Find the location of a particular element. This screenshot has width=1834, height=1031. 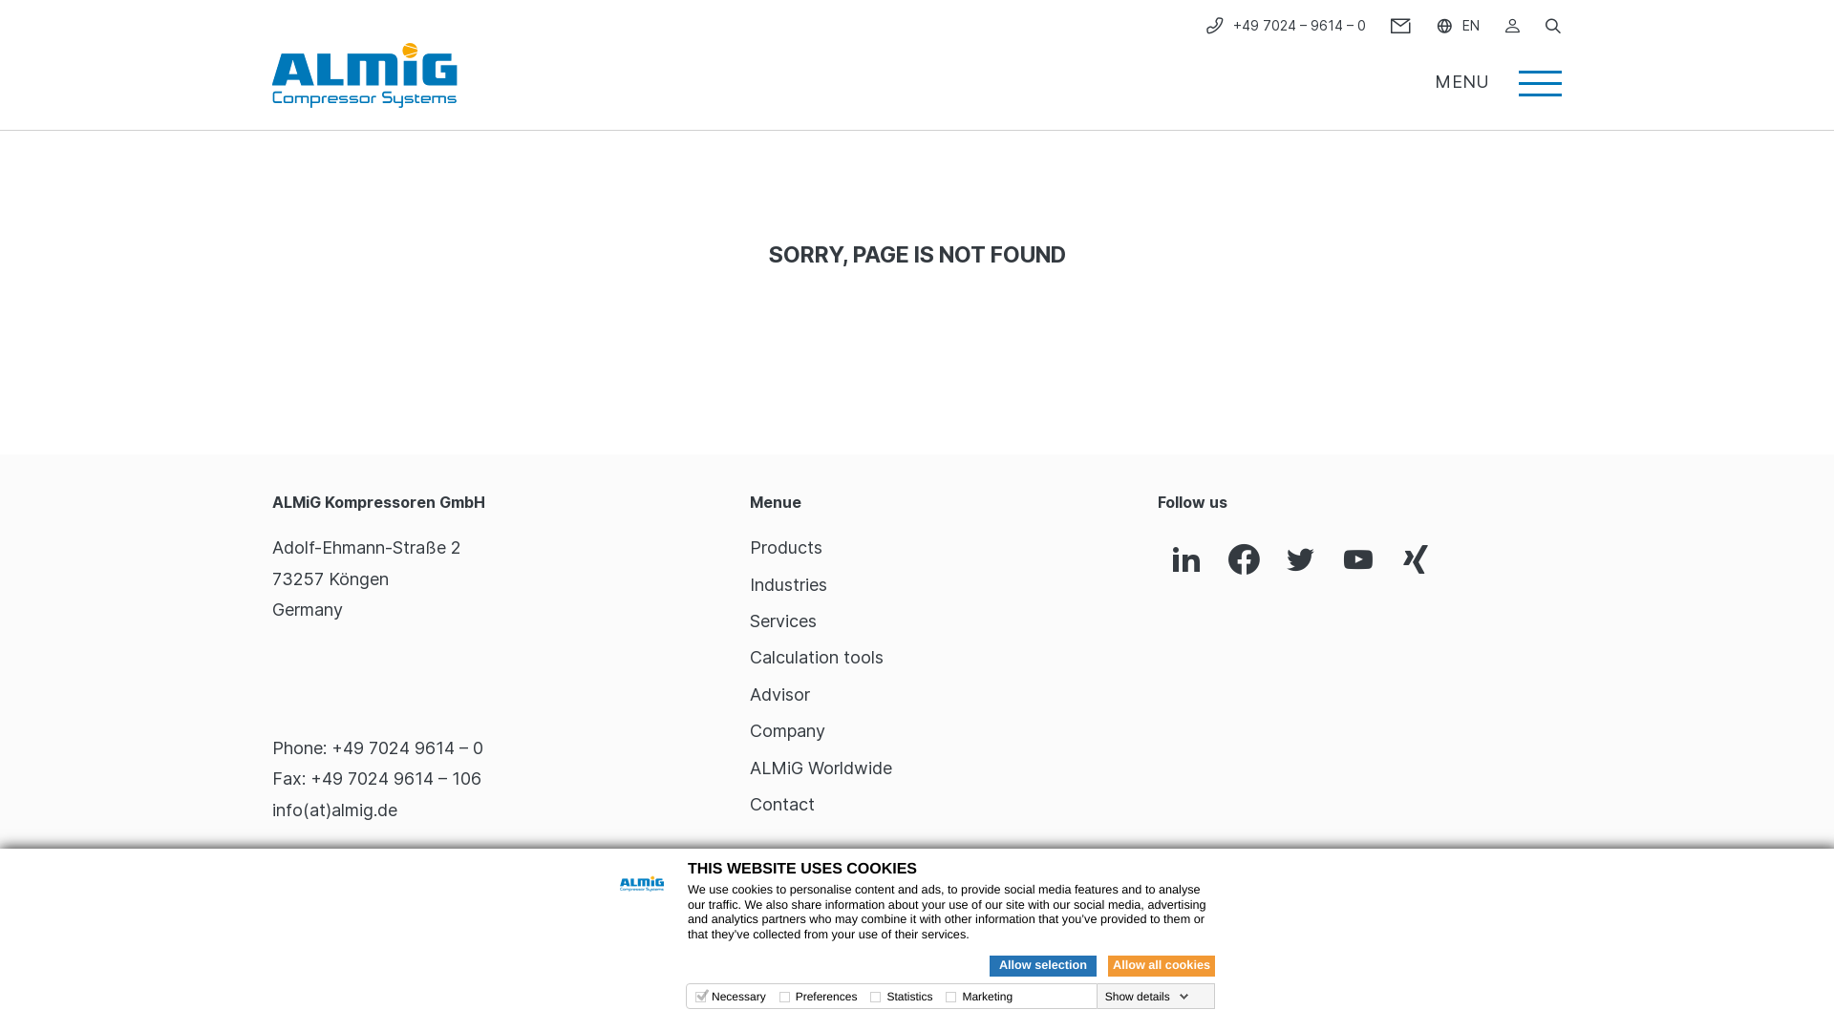

'Twitter' is located at coordinates (1300, 559).